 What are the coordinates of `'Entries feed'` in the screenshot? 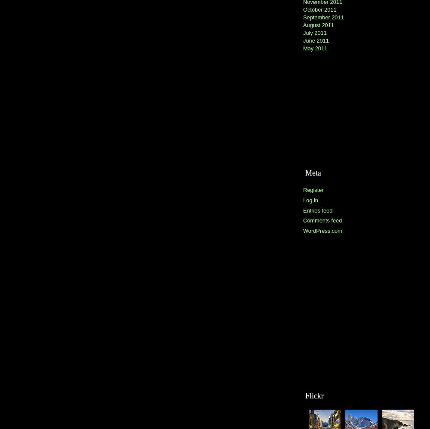 It's located at (317, 210).